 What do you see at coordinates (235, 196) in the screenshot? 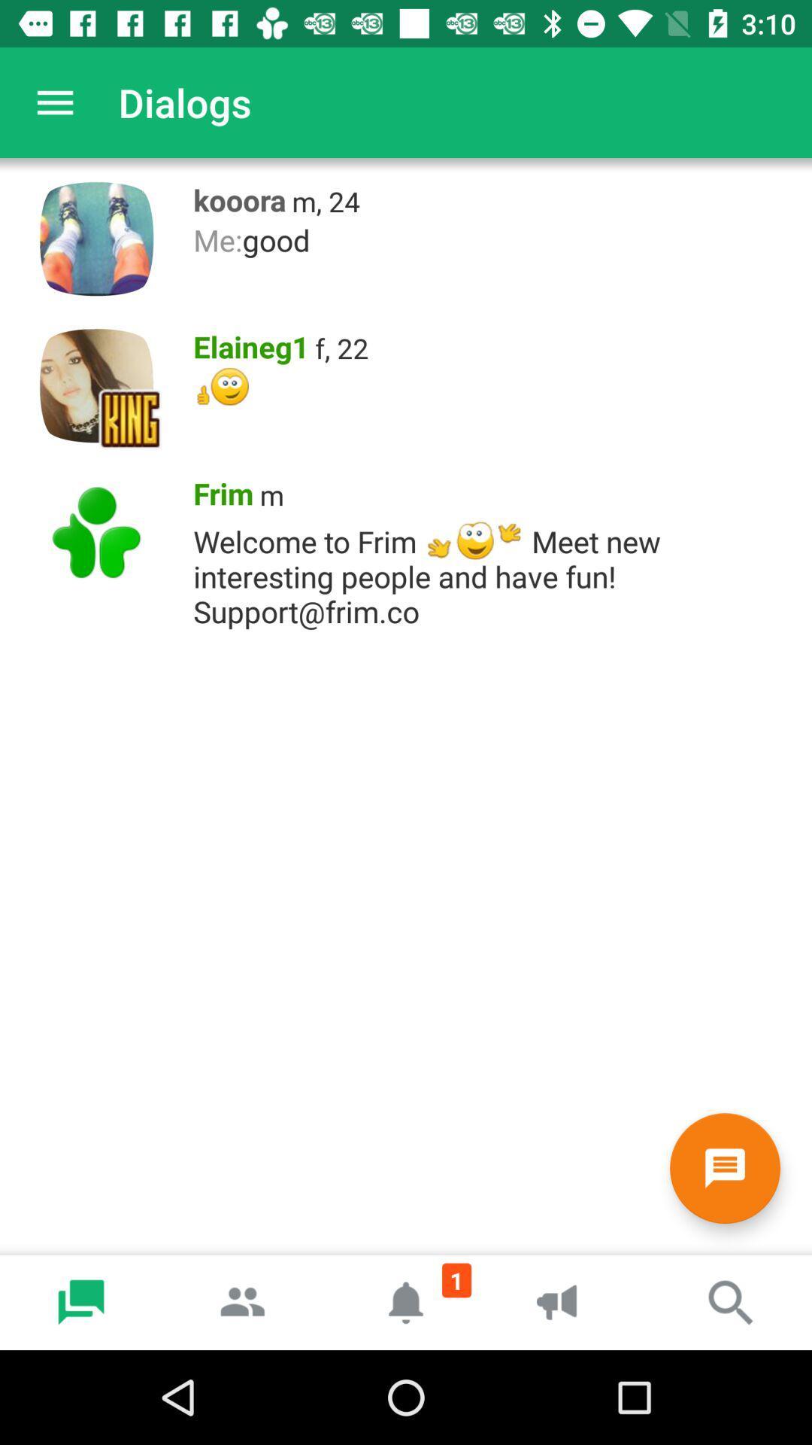
I see `icon next to the m, 24` at bounding box center [235, 196].